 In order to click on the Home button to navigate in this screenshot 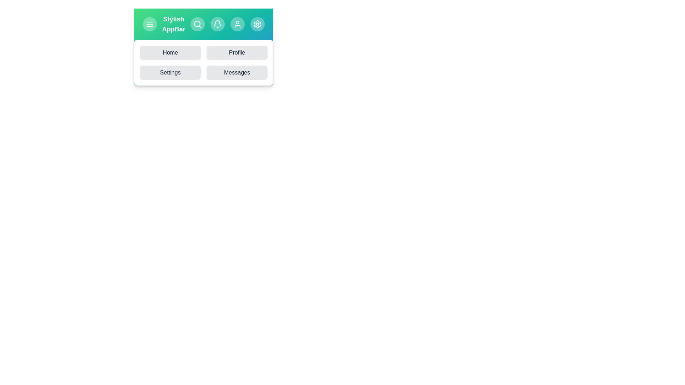, I will do `click(170, 52)`.